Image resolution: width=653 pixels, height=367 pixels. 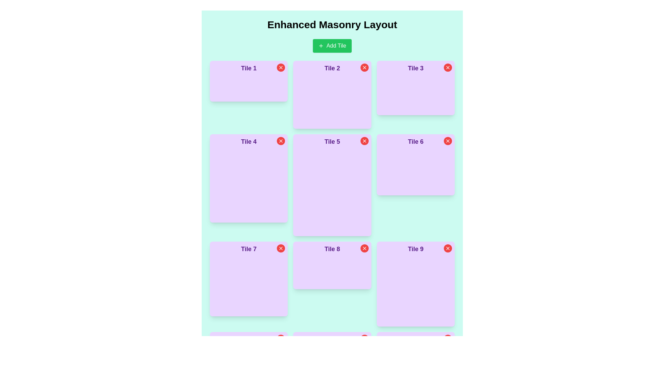 What do you see at coordinates (415, 87) in the screenshot?
I see `the Interactive Tile located in the first row, third column of the grid` at bounding box center [415, 87].